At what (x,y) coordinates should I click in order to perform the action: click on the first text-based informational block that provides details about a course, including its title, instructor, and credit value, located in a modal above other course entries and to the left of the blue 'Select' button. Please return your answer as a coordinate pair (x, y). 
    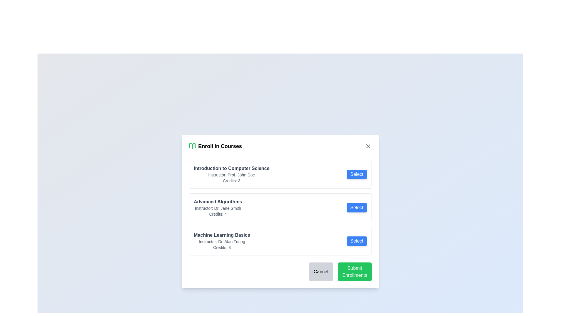
    Looking at the image, I should click on (231, 174).